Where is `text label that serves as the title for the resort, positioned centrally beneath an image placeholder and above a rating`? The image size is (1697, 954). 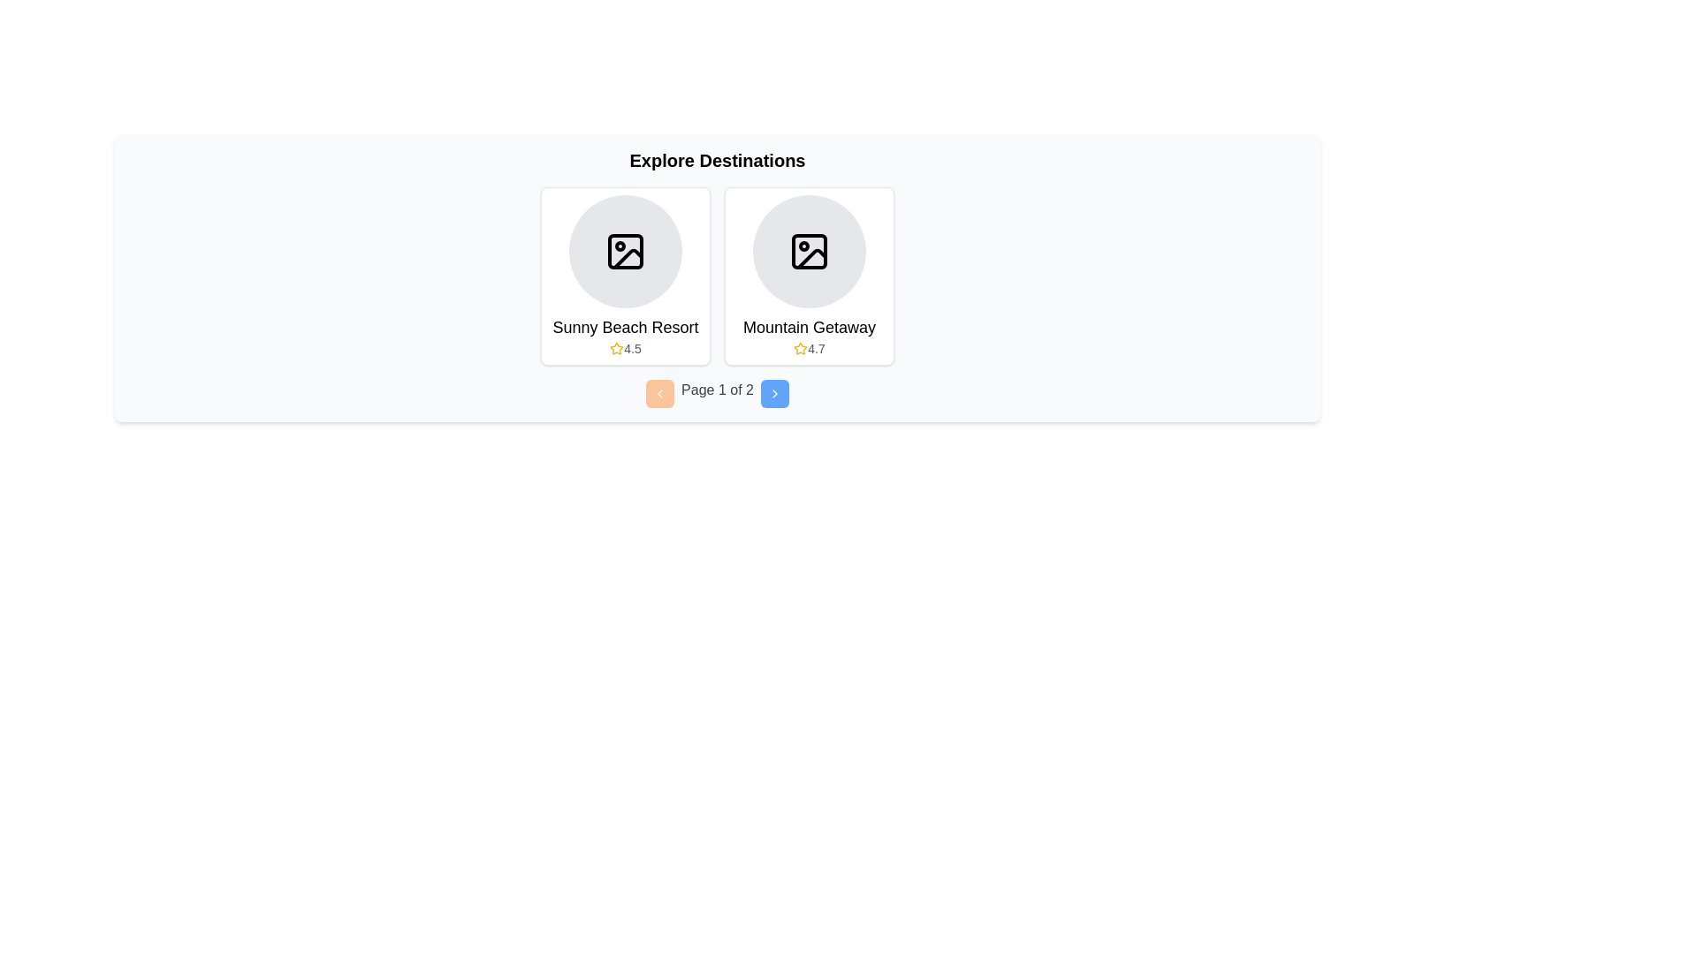 text label that serves as the title for the resort, positioned centrally beneath an image placeholder and above a rating is located at coordinates (626, 327).